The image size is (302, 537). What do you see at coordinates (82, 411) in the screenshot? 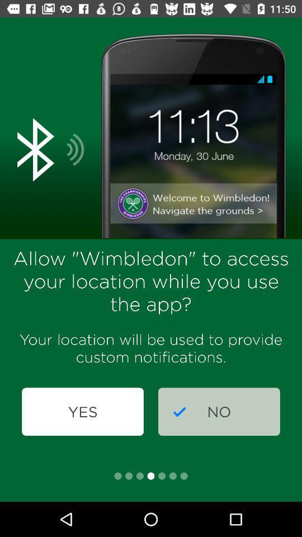
I see `icon at the bottom left corner` at bounding box center [82, 411].